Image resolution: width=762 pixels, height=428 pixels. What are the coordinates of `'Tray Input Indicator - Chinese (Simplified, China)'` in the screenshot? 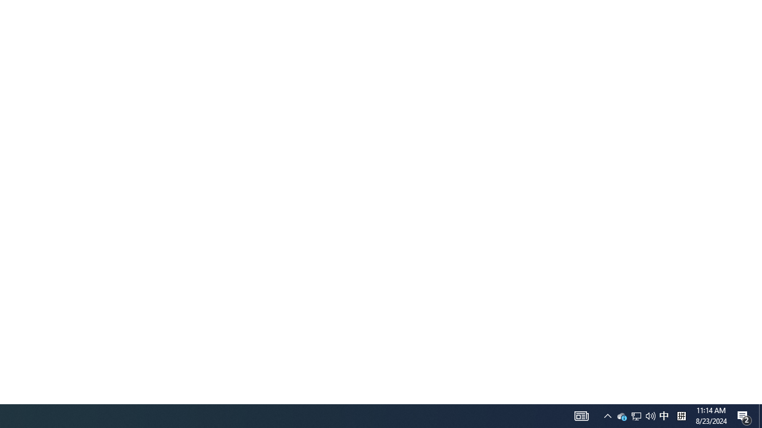 It's located at (681, 415).